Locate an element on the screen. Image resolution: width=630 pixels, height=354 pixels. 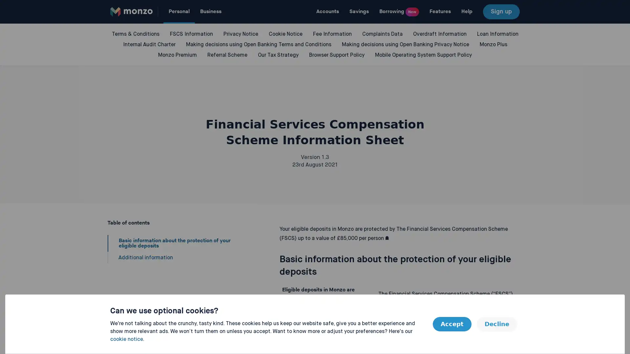
Features is located at coordinates (440, 11).